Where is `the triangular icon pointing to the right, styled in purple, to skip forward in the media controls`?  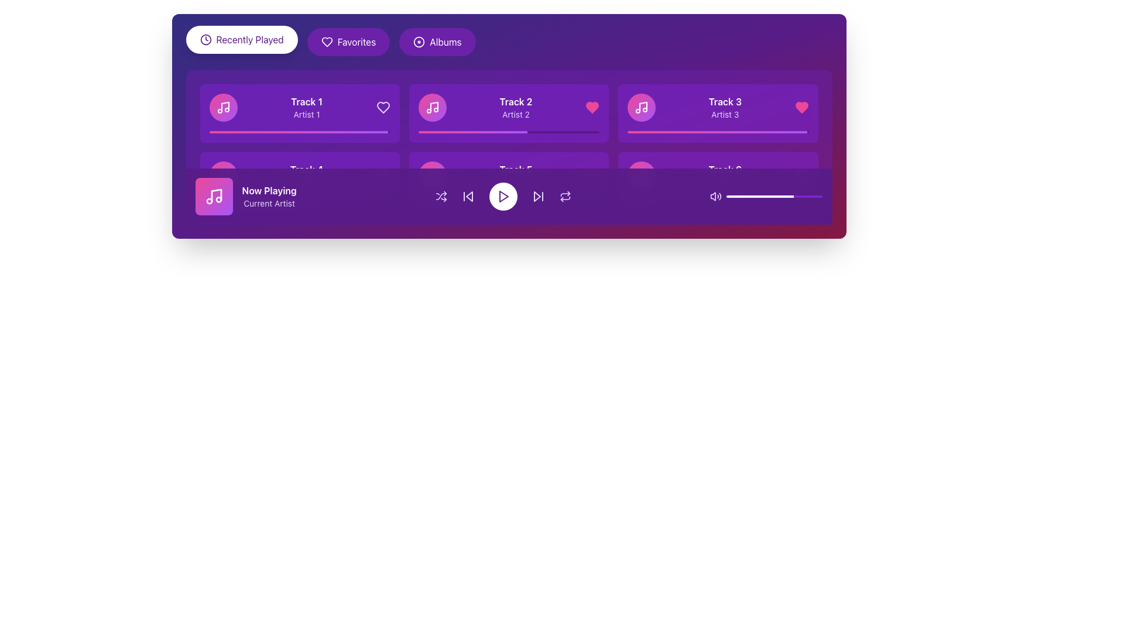 the triangular icon pointing to the right, styled in purple, to skip forward in the media controls is located at coordinates (537, 195).